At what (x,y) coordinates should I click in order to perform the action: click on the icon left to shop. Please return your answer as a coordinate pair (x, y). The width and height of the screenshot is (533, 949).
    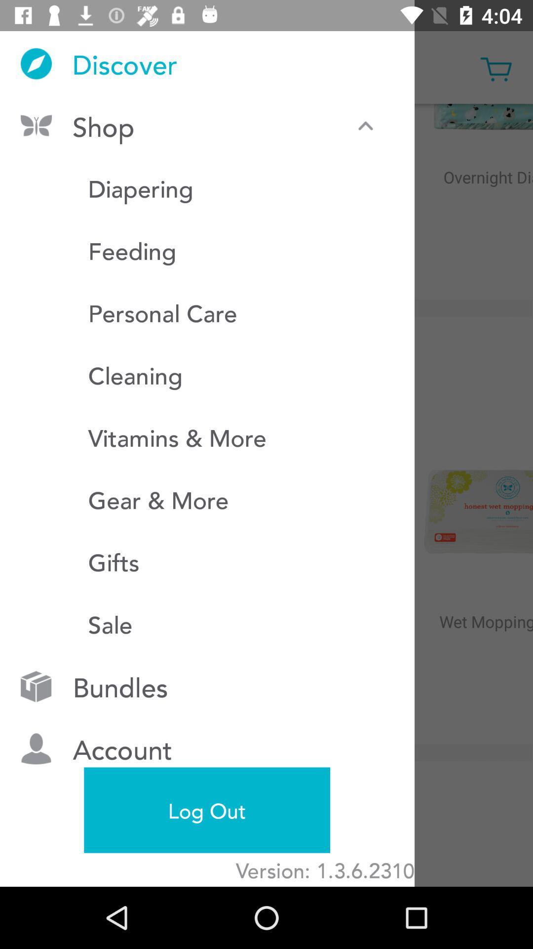
    Looking at the image, I should click on (36, 126).